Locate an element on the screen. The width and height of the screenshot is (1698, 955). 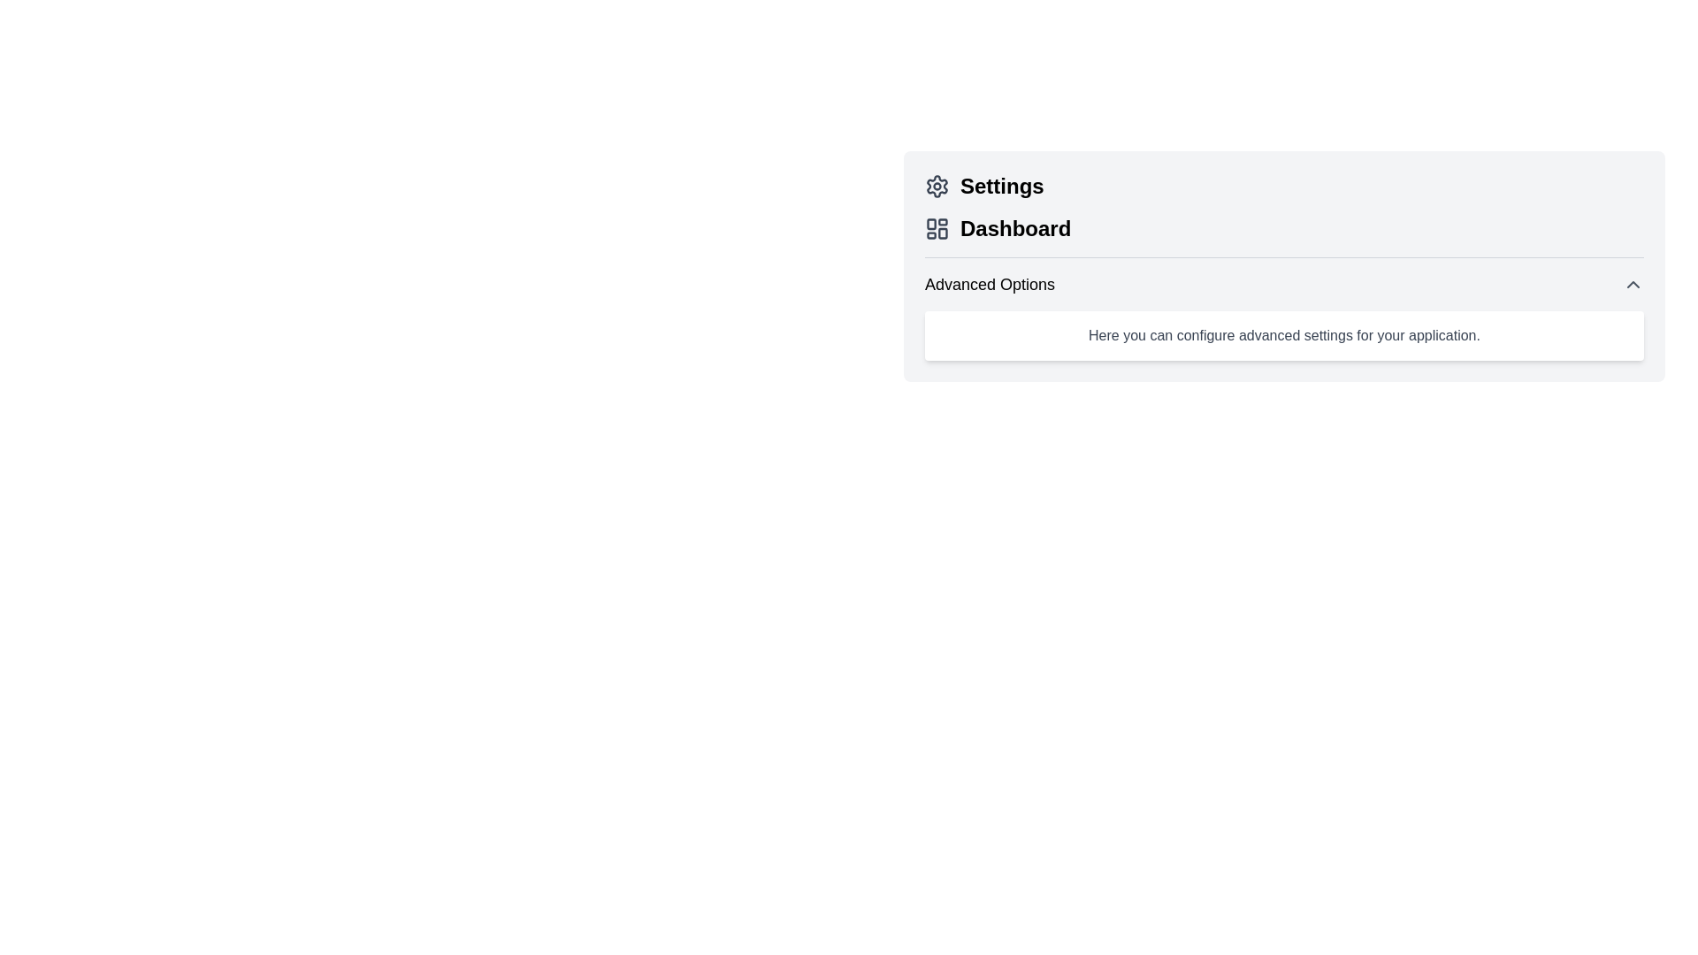
the visual separator line that distinguishes the 'Dashboard' section from the 'Advanced Options' section is located at coordinates (1284, 257).